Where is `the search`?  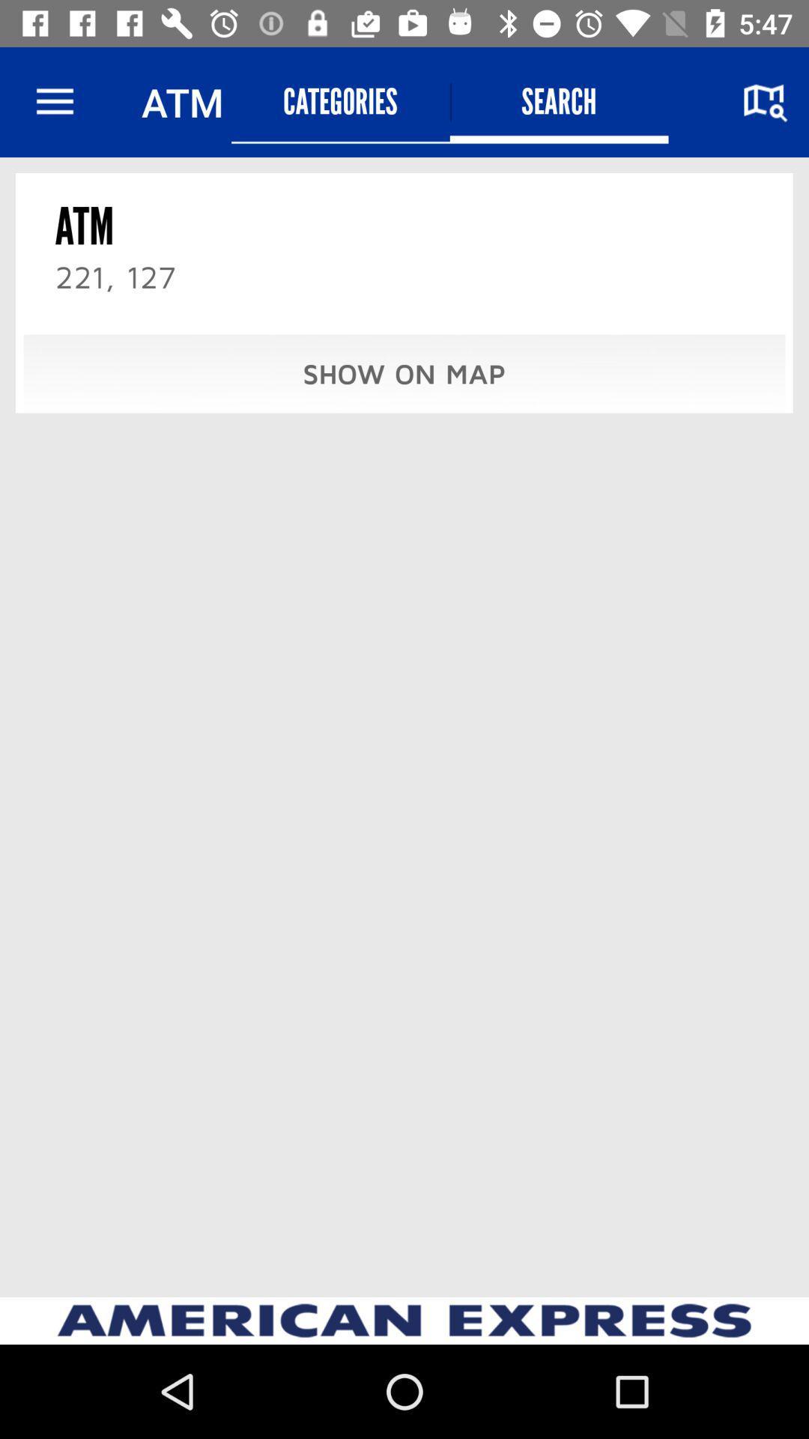
the search is located at coordinates (559, 101).